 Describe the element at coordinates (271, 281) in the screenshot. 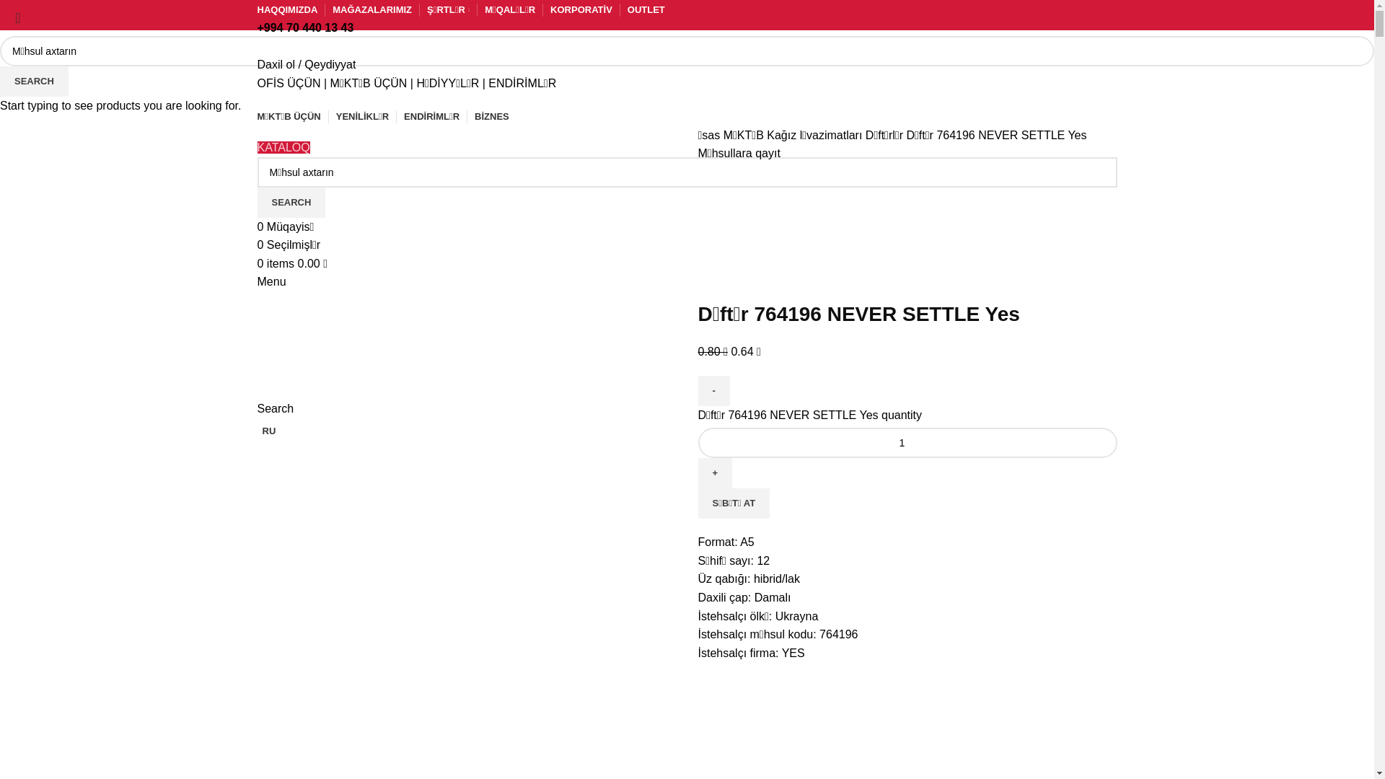

I see `'Menu'` at that location.